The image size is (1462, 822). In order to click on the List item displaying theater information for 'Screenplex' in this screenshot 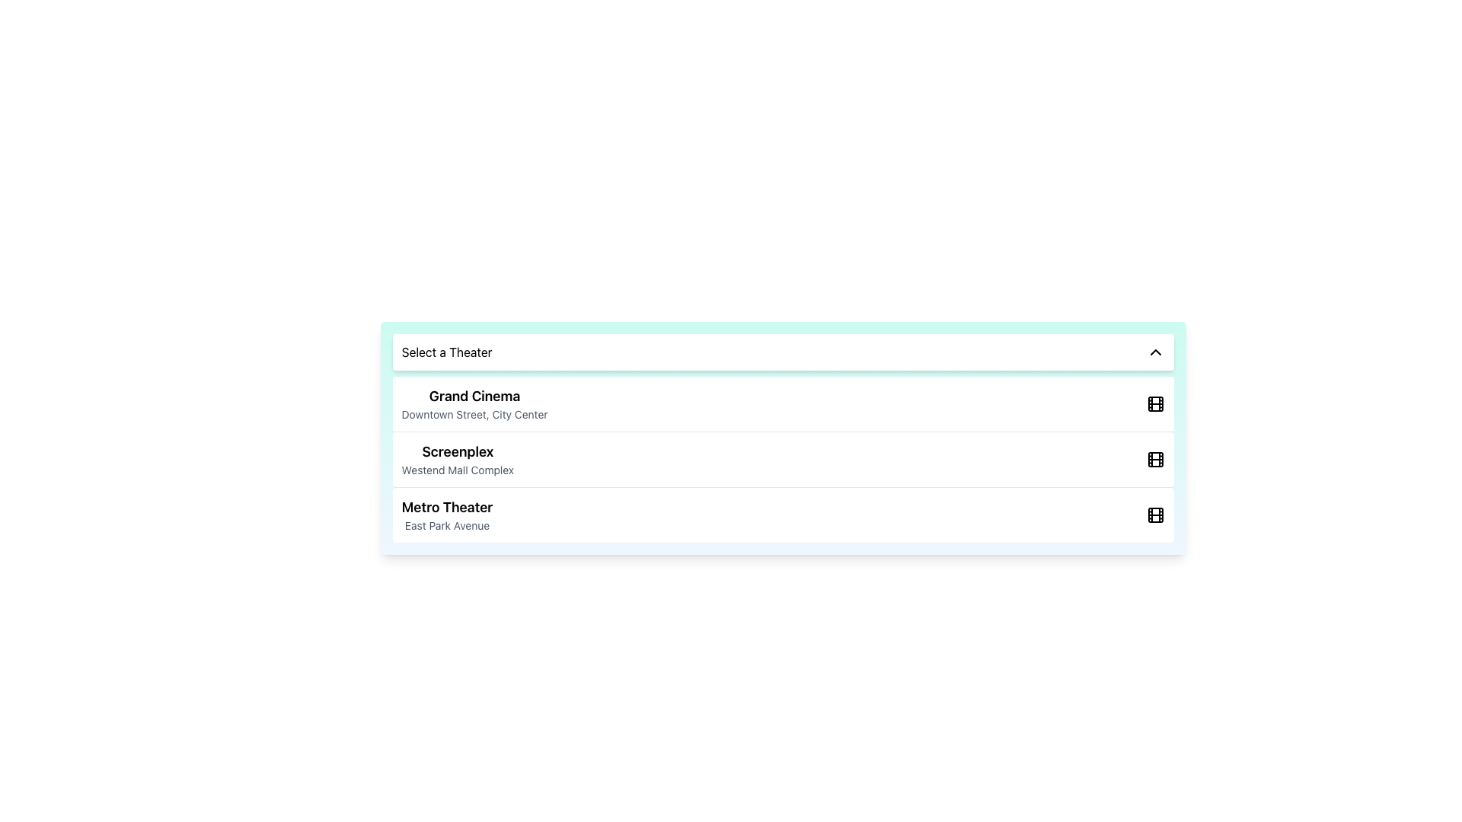, I will do `click(783, 458)`.